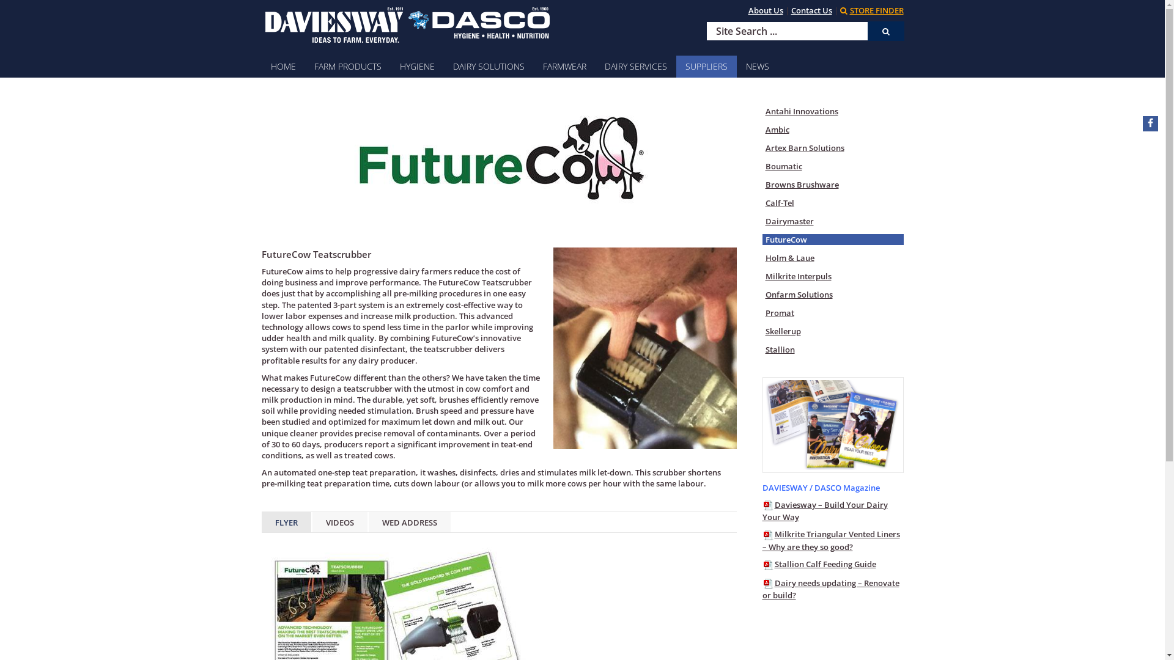 The height and width of the screenshot is (660, 1174). I want to click on 'Stallion Calf Feeding Guide', so click(819, 563).